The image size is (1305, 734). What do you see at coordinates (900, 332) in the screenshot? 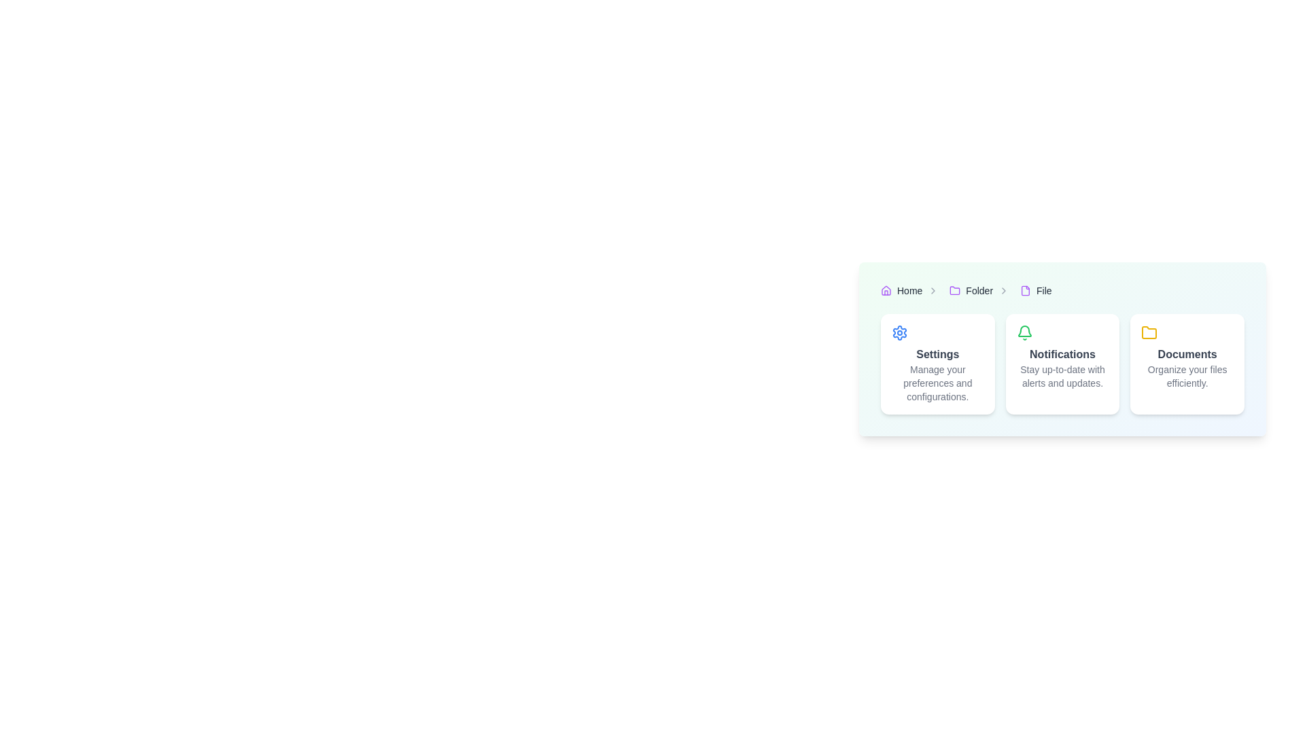
I see `the gear icon representing settings, which is located within the first card titled 'Settings' on the leftmost part of the card group` at bounding box center [900, 332].